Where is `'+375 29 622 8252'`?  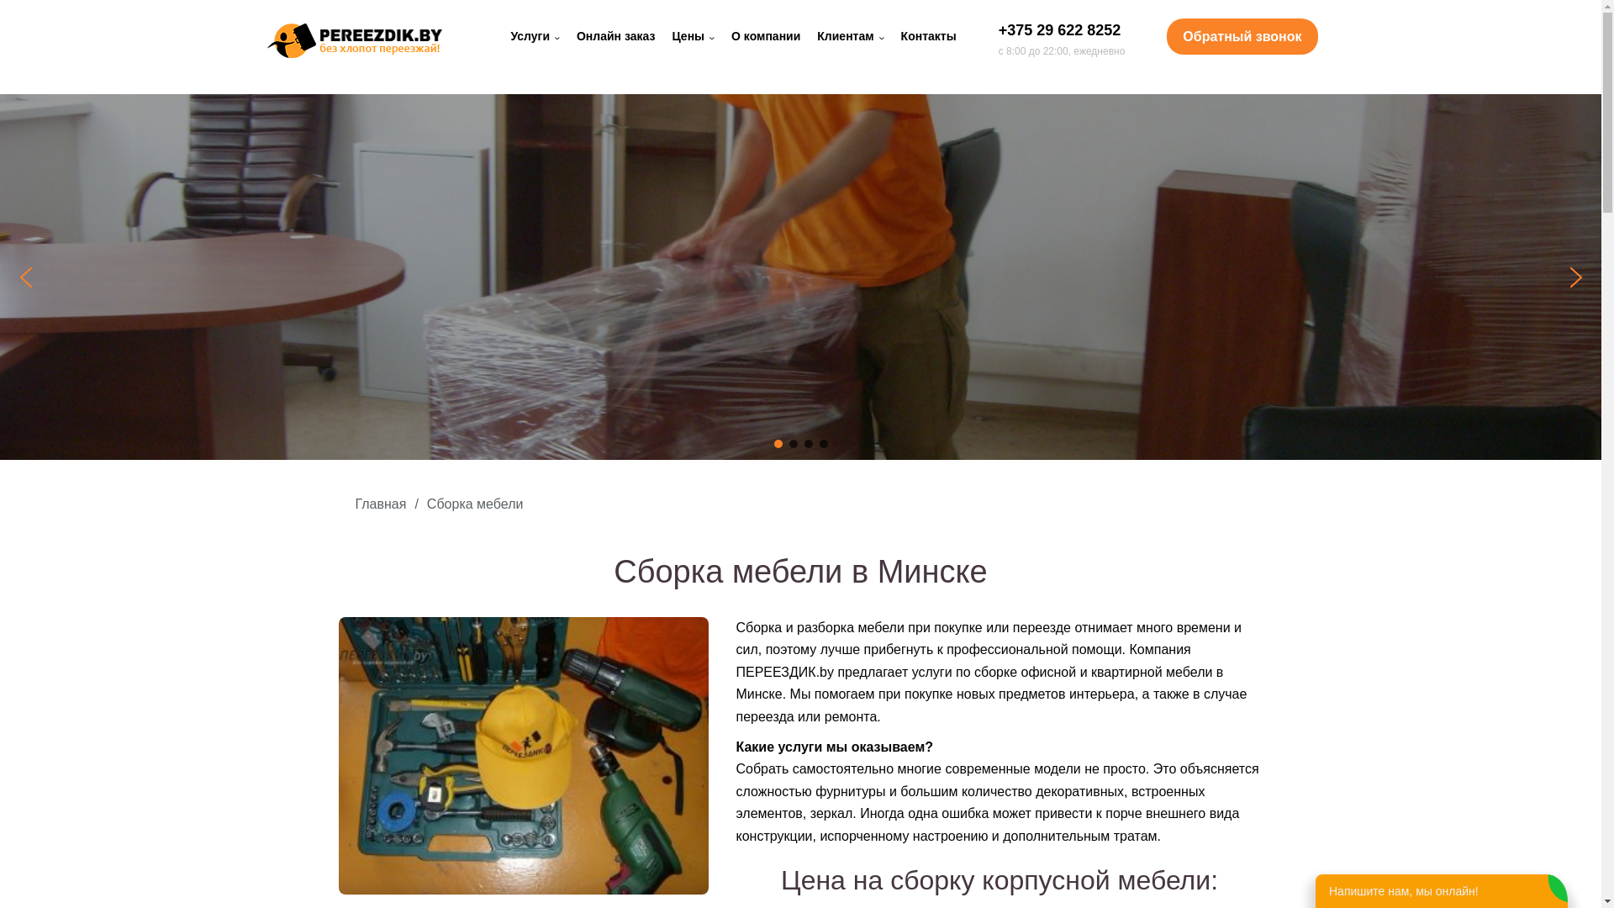
'+375 29 622 8252' is located at coordinates (1059, 29).